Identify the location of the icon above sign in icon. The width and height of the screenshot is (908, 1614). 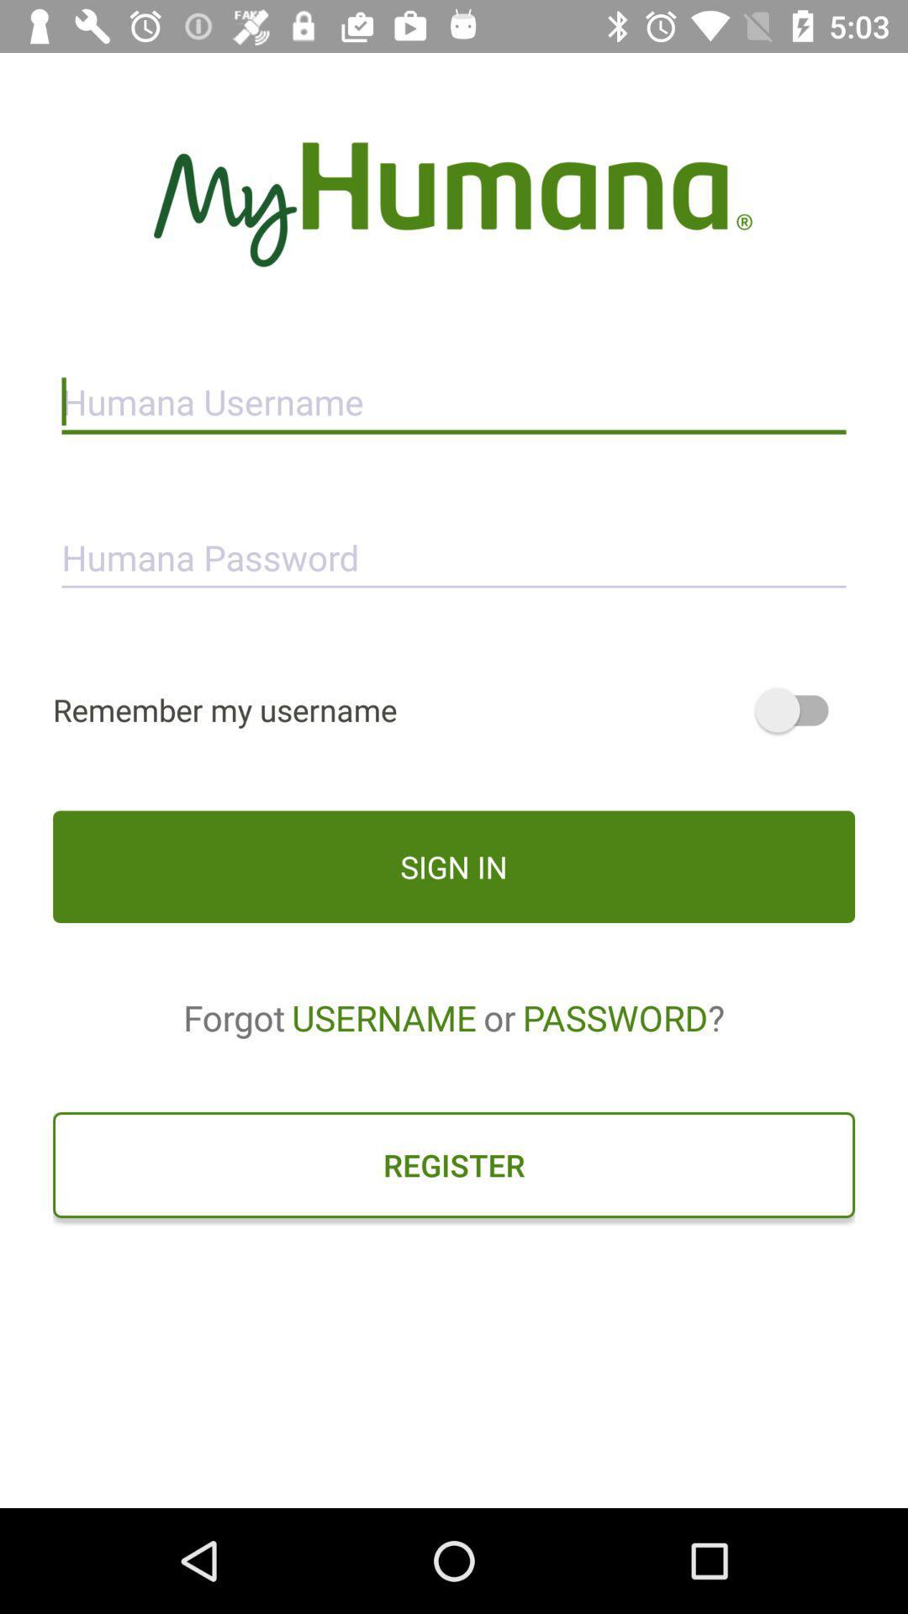
(454, 709).